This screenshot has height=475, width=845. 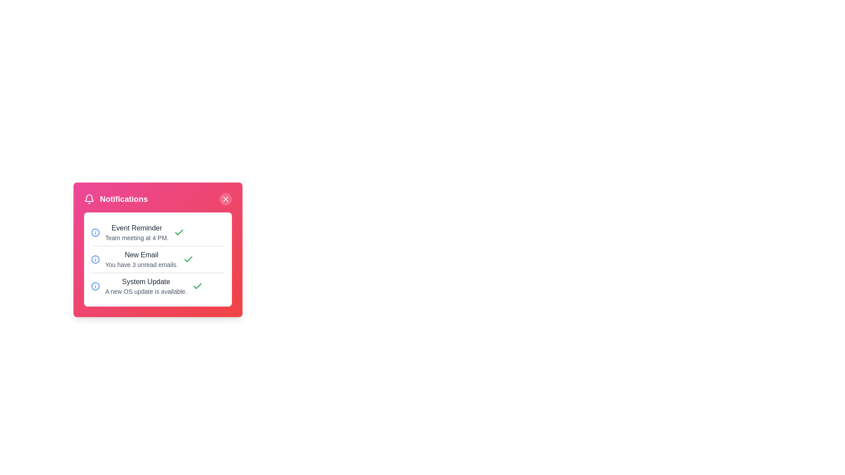 What do you see at coordinates (136, 237) in the screenshot?
I see `the text label displaying timing information for the event reminder, which is located below the 'Event Reminder' heading in the first notification entry` at bounding box center [136, 237].